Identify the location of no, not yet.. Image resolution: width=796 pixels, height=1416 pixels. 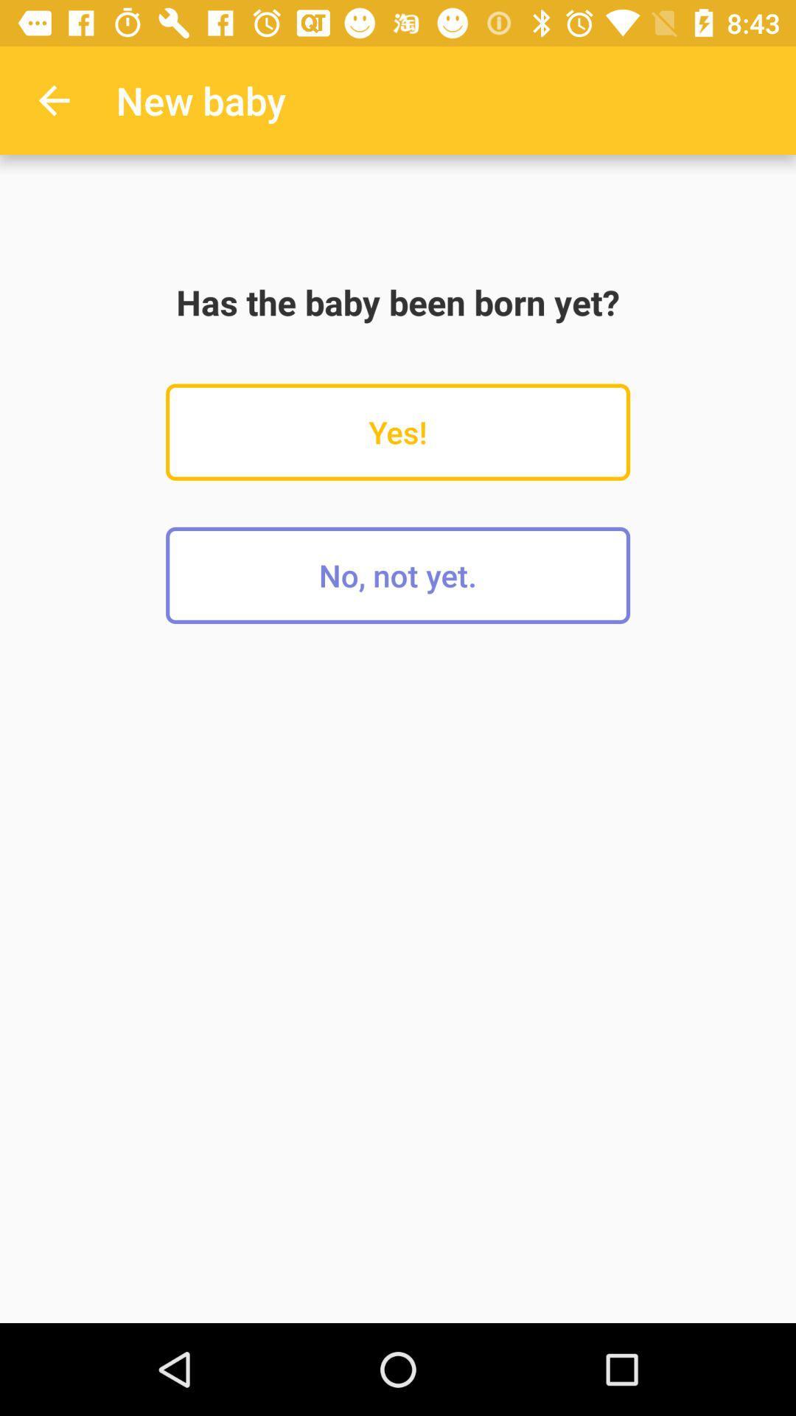
(398, 575).